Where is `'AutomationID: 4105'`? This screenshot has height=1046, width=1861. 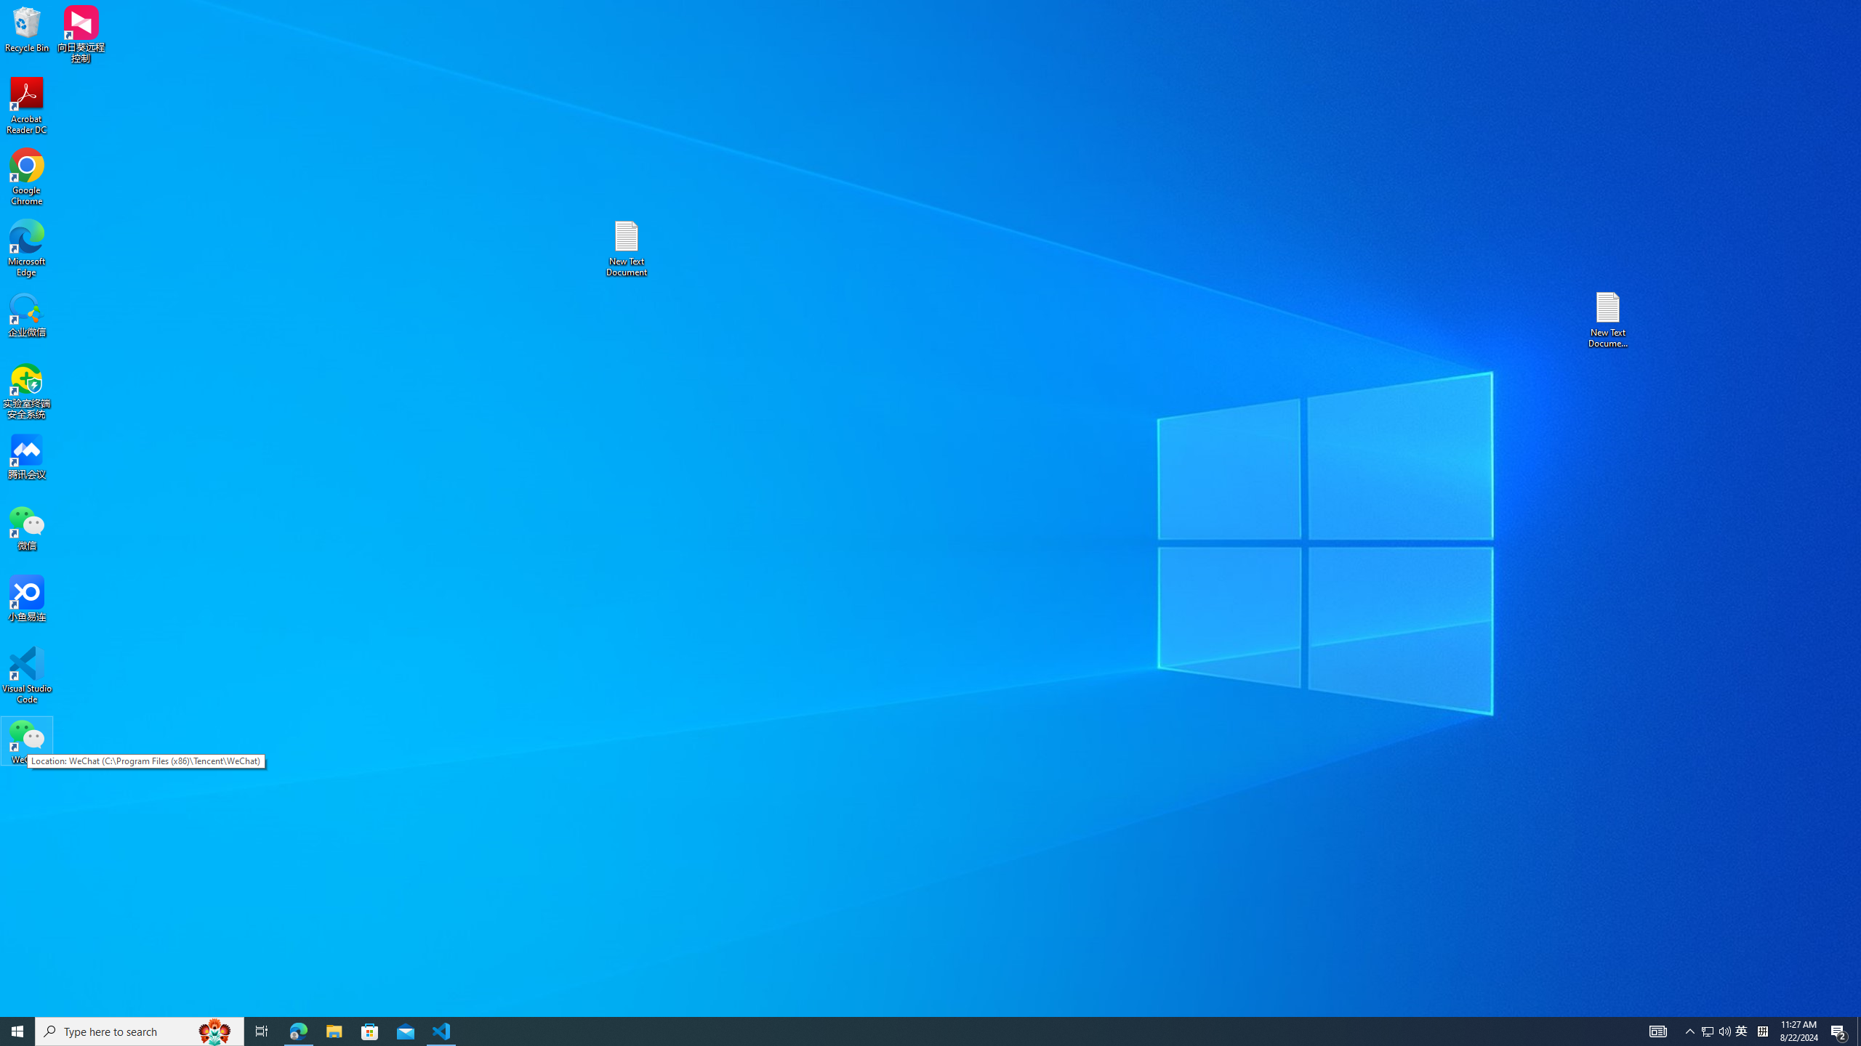
'AutomationID: 4105' is located at coordinates (1657, 1030).